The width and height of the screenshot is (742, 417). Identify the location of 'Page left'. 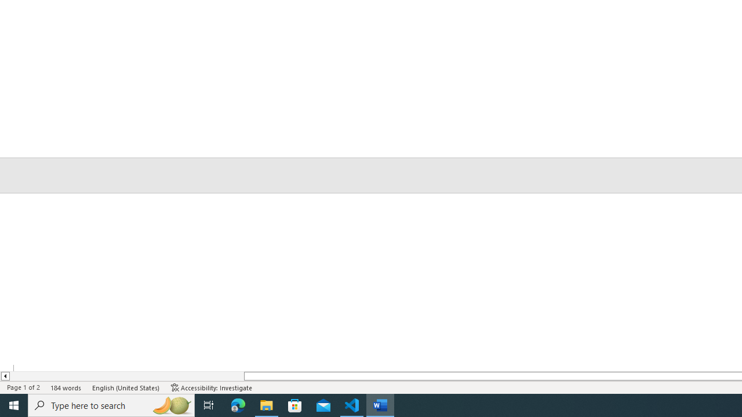
(126, 376).